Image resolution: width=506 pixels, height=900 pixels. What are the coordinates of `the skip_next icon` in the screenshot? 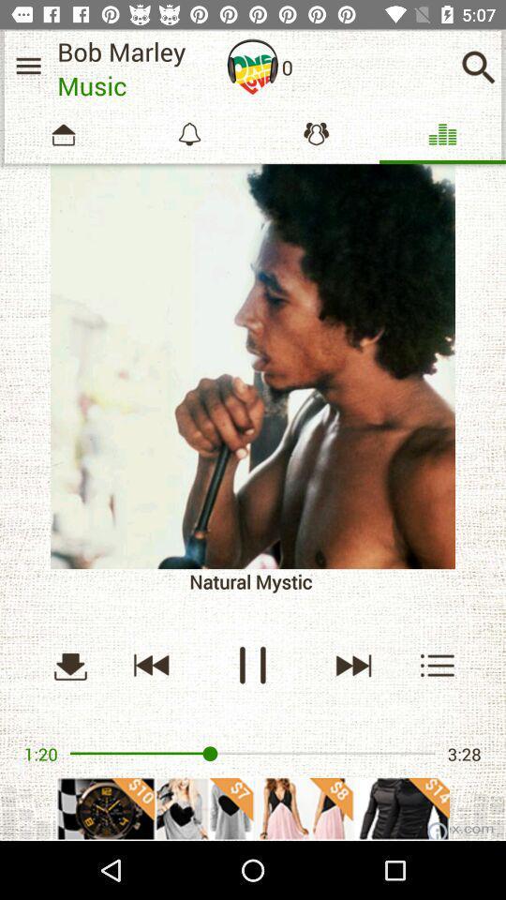 It's located at (352, 665).